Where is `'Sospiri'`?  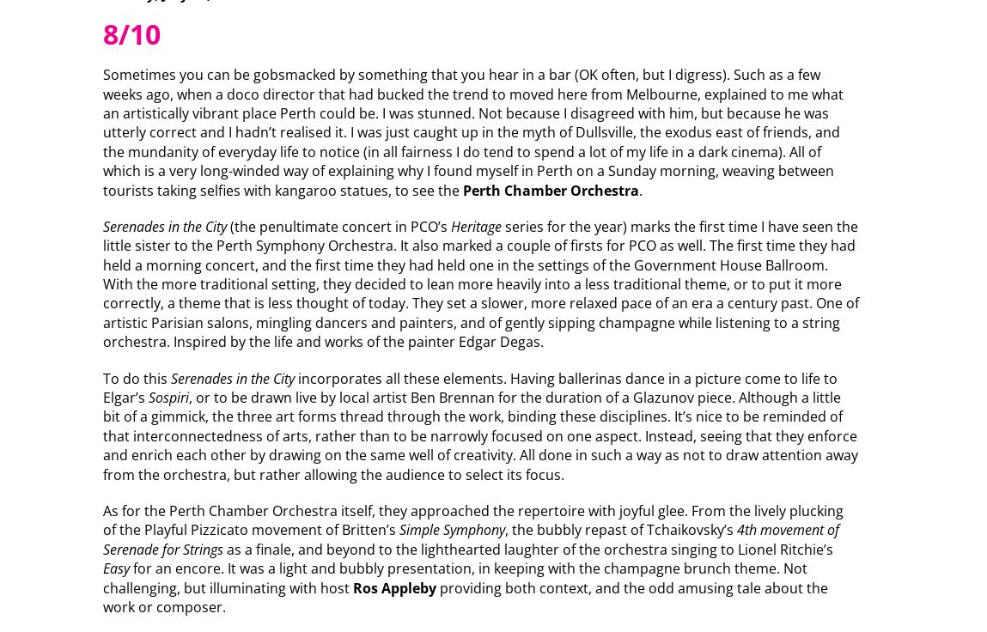
'Sospiri' is located at coordinates (167, 397).